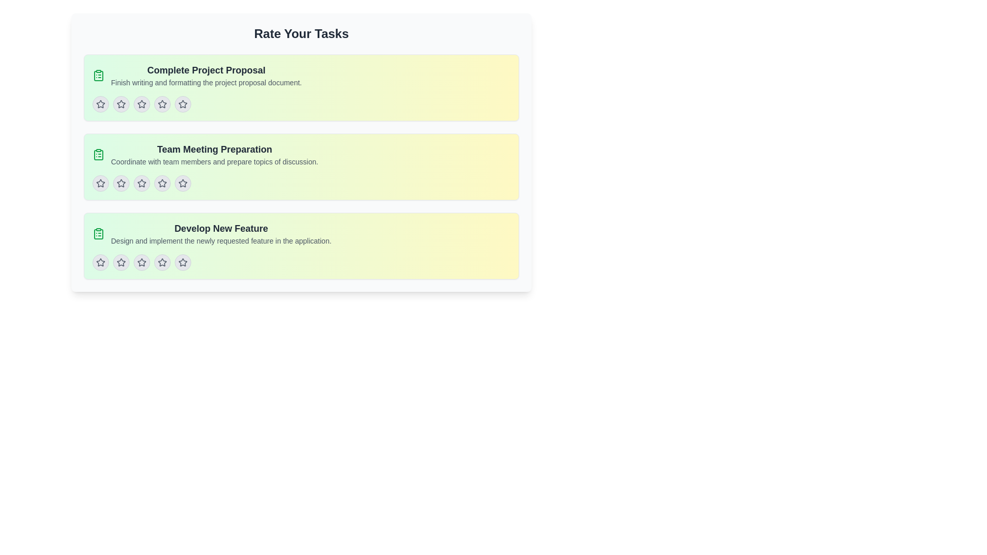 This screenshot has height=555, width=987. What do you see at coordinates (99, 75) in the screenshot?
I see `the green clipboard icon located to the left of the task title 'Complete Project Proposal'` at bounding box center [99, 75].